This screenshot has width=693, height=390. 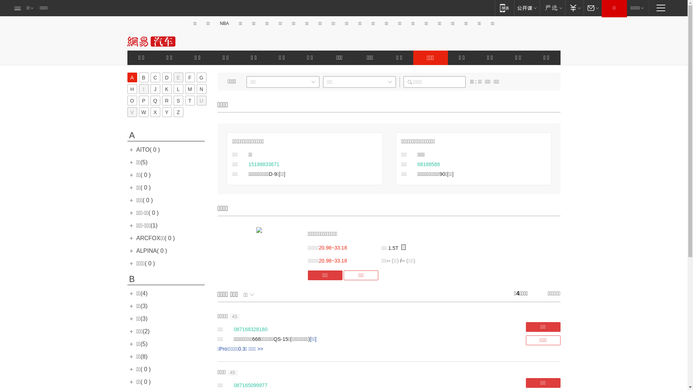 What do you see at coordinates (178, 112) in the screenshot?
I see `'Z'` at bounding box center [178, 112].